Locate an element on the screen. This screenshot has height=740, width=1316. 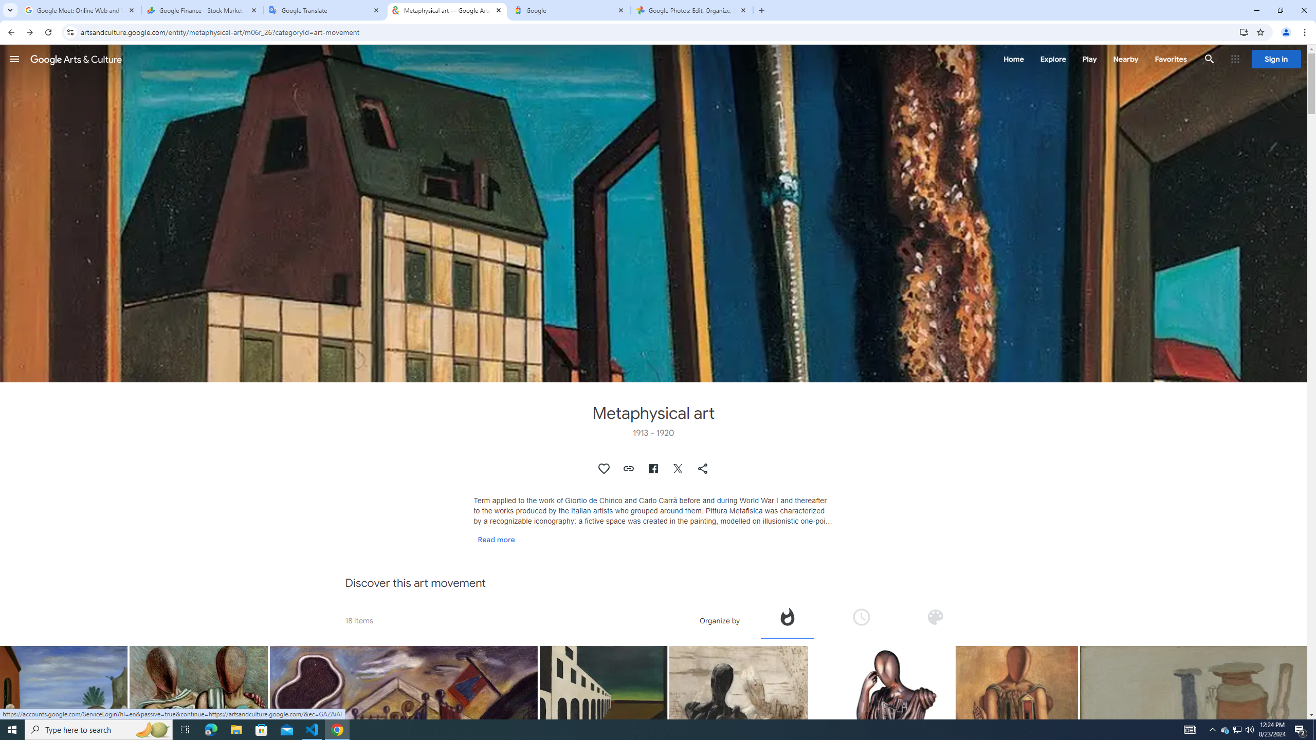
'System' is located at coordinates (6, 5).